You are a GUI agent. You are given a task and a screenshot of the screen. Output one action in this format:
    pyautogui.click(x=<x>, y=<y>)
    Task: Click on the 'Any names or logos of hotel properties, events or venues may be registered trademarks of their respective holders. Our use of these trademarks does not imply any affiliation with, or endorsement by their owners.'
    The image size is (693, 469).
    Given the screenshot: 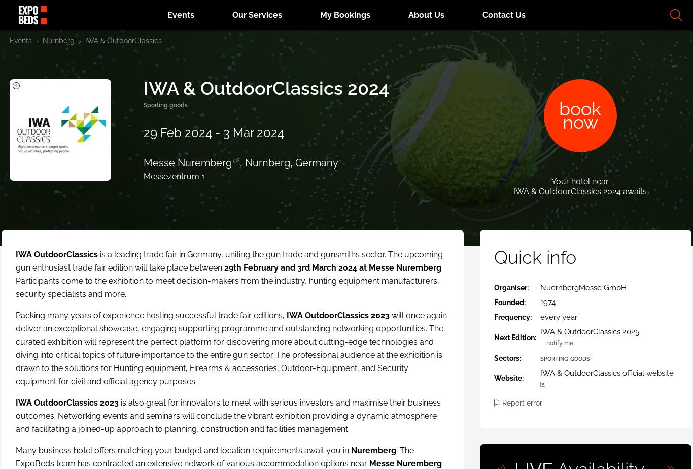 What is the action you would take?
    pyautogui.click(x=579, y=261)
    